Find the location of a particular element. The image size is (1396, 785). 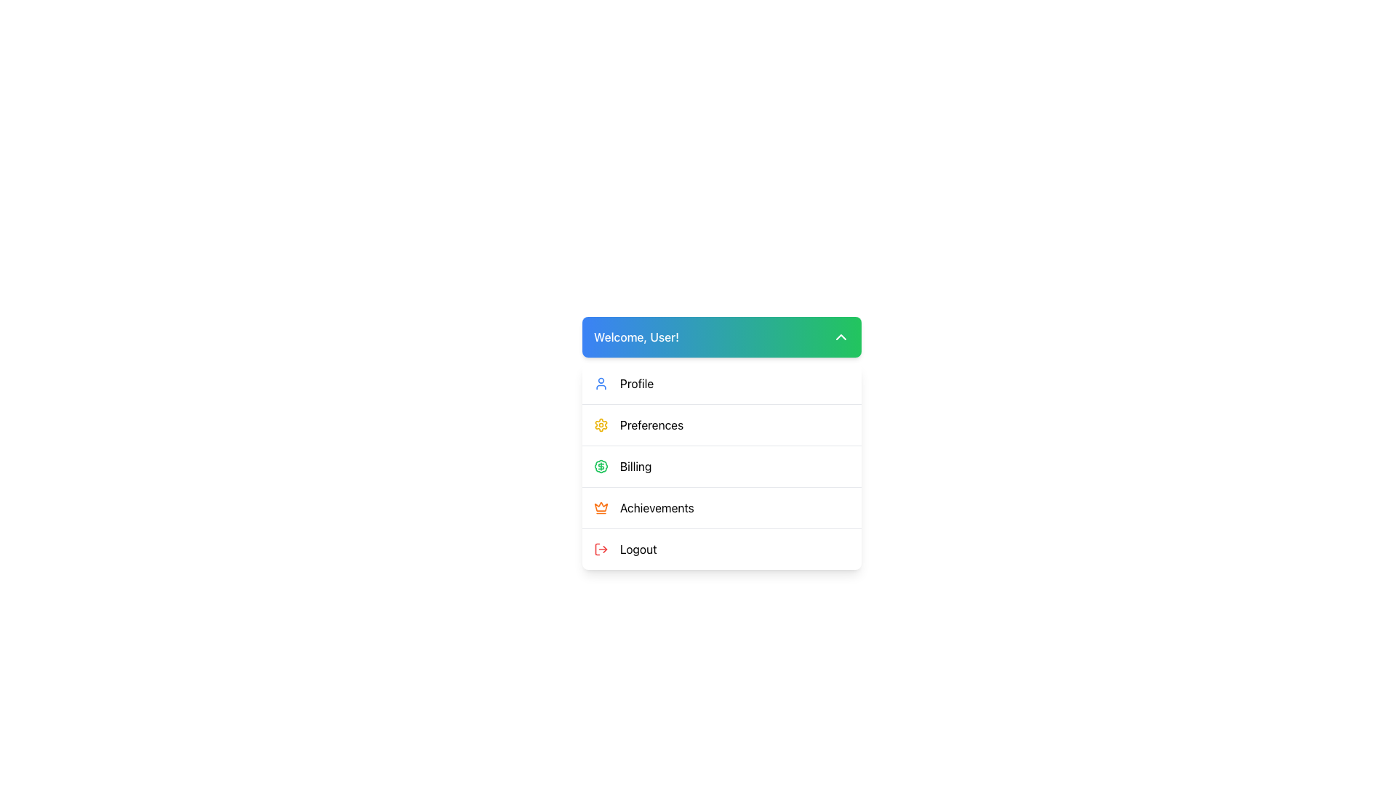

the 'Billing' icon located in the third row of the dropdown menu is located at coordinates (601, 466).